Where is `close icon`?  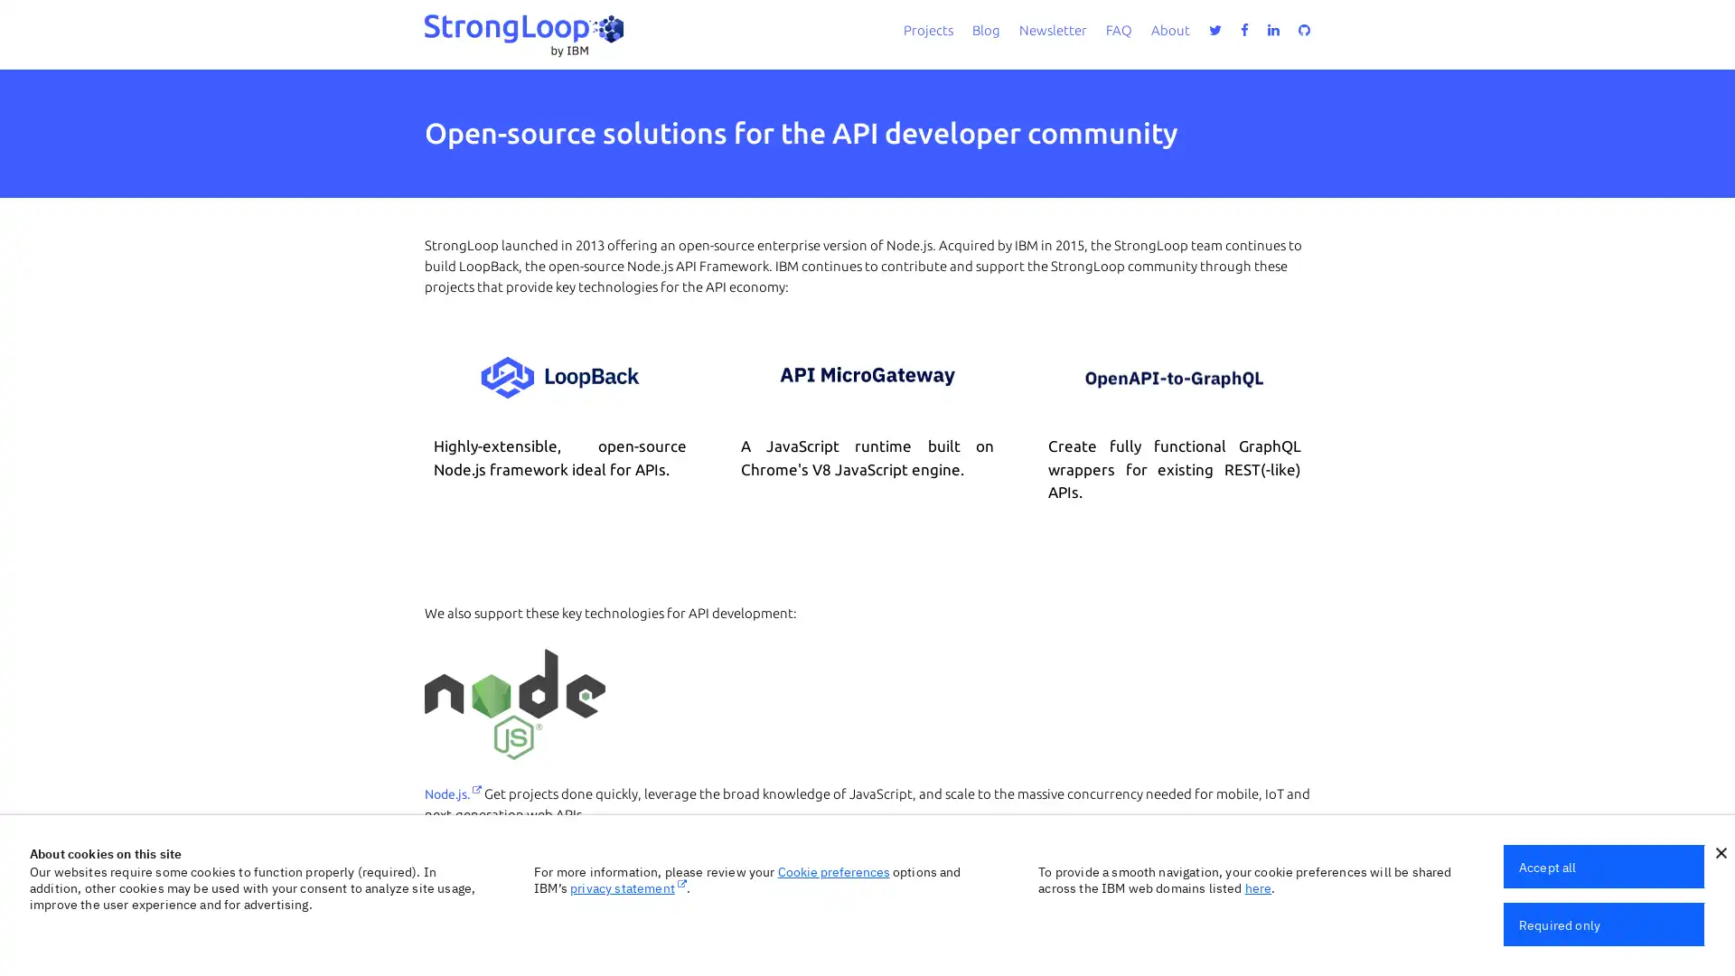 close icon is located at coordinates (1721, 853).